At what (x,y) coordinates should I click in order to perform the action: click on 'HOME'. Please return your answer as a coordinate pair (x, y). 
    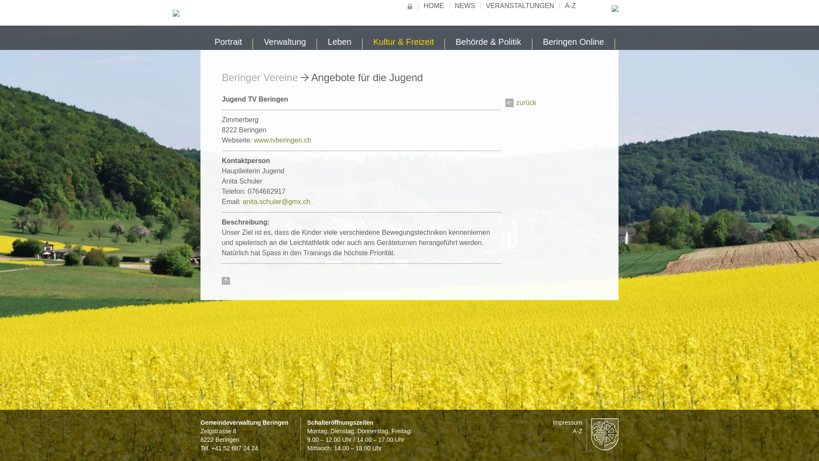
    Looking at the image, I should click on (434, 6).